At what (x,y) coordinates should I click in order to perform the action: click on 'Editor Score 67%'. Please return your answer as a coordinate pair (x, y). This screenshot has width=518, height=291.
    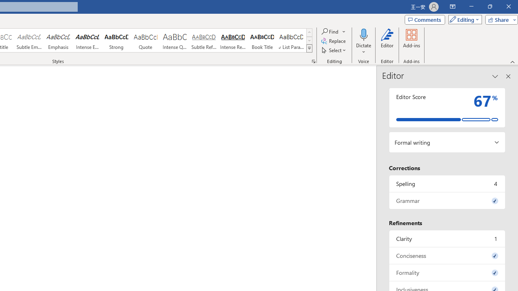
    Looking at the image, I should click on (447, 107).